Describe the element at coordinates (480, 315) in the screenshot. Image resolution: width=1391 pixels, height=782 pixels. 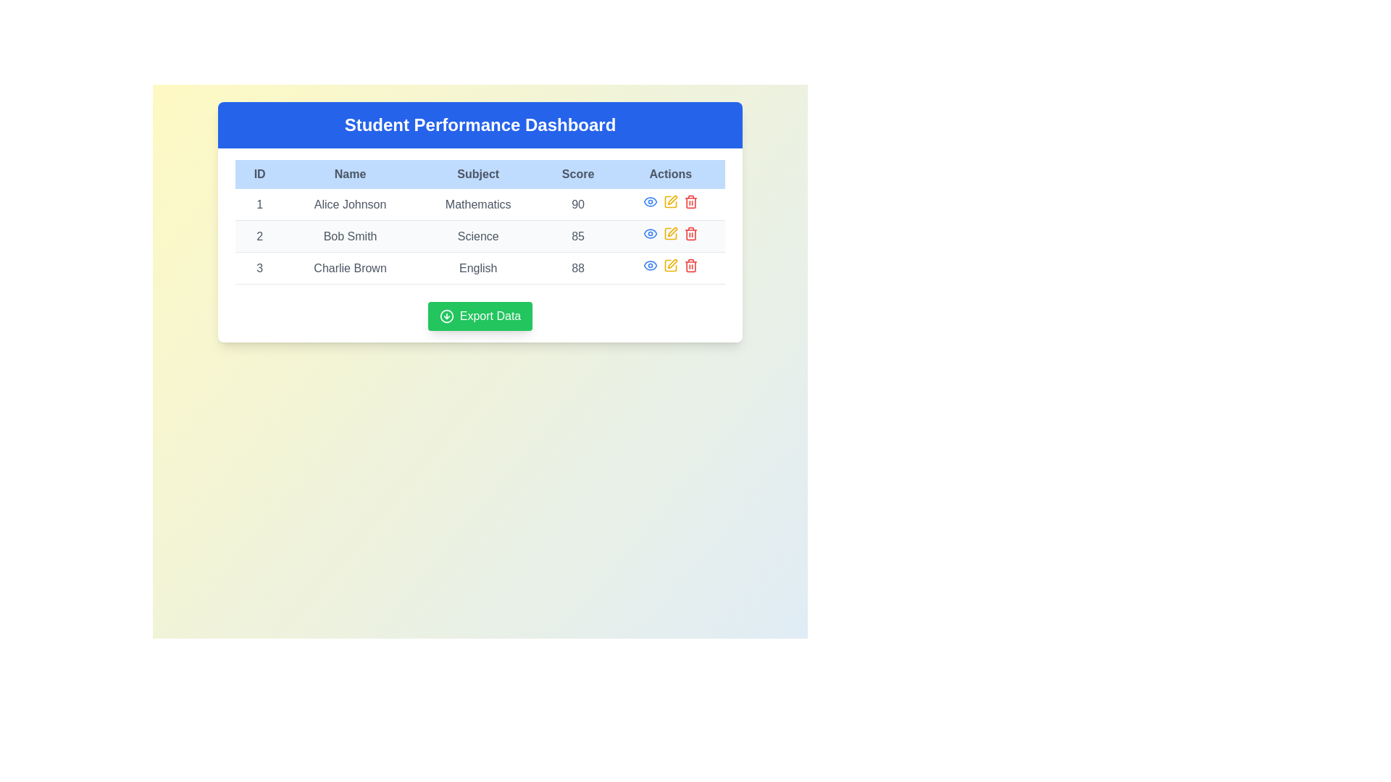
I see `the export button located beneath the data table to initiate data export` at that location.